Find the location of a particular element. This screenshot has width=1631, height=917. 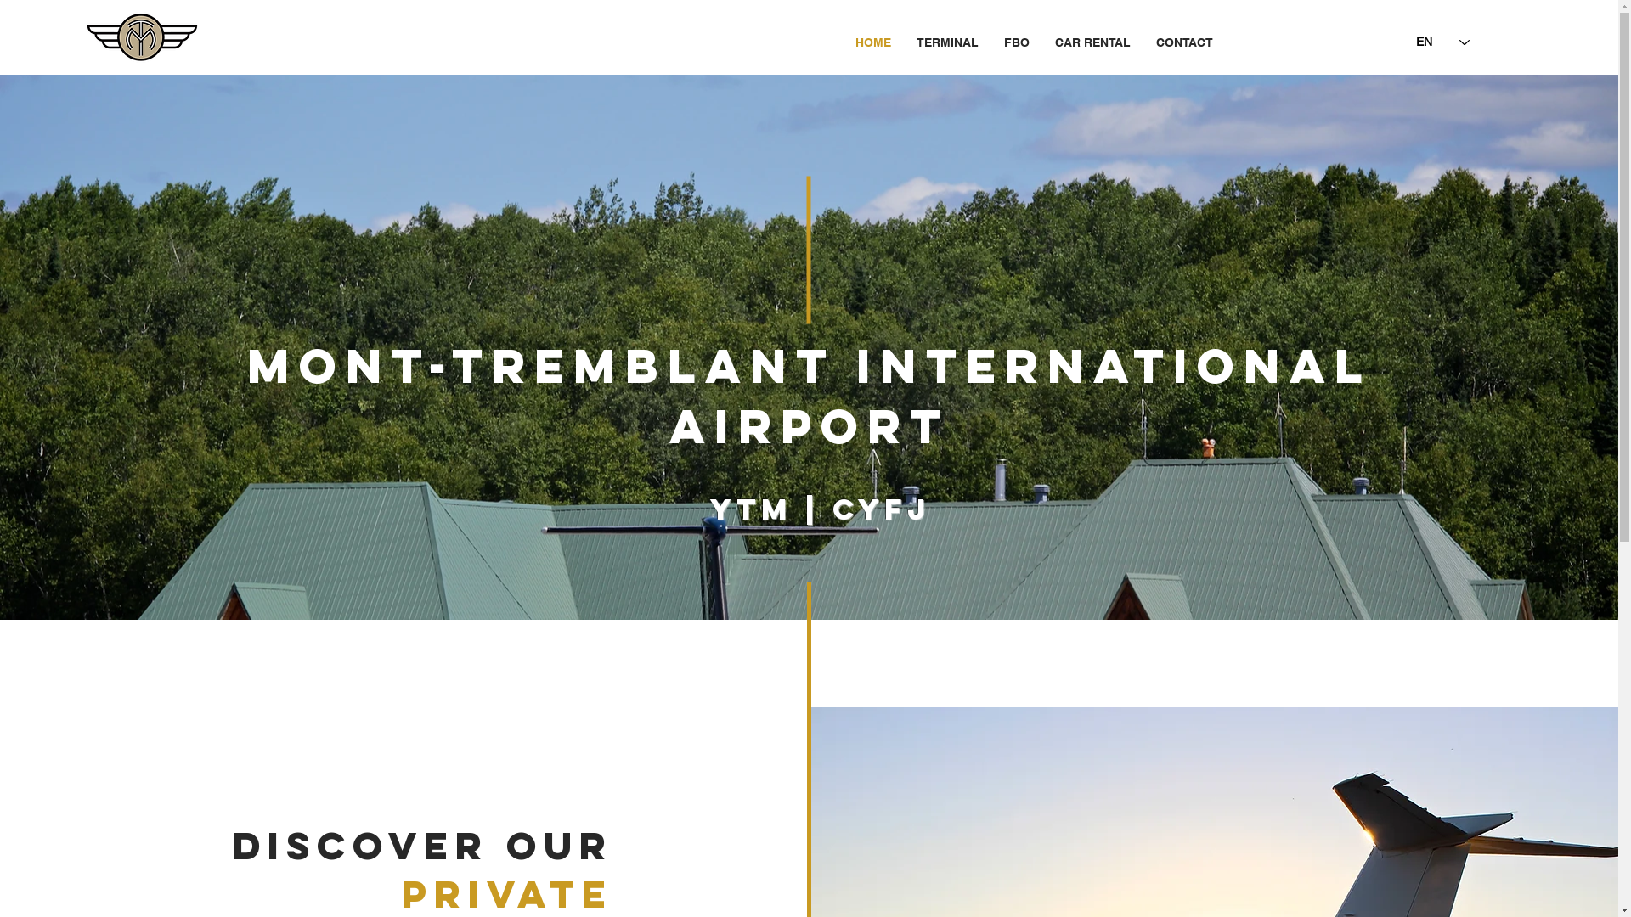

'FBO' is located at coordinates (1015, 42).